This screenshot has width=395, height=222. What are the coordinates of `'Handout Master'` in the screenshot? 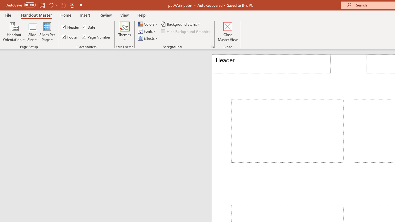 It's located at (36, 15).